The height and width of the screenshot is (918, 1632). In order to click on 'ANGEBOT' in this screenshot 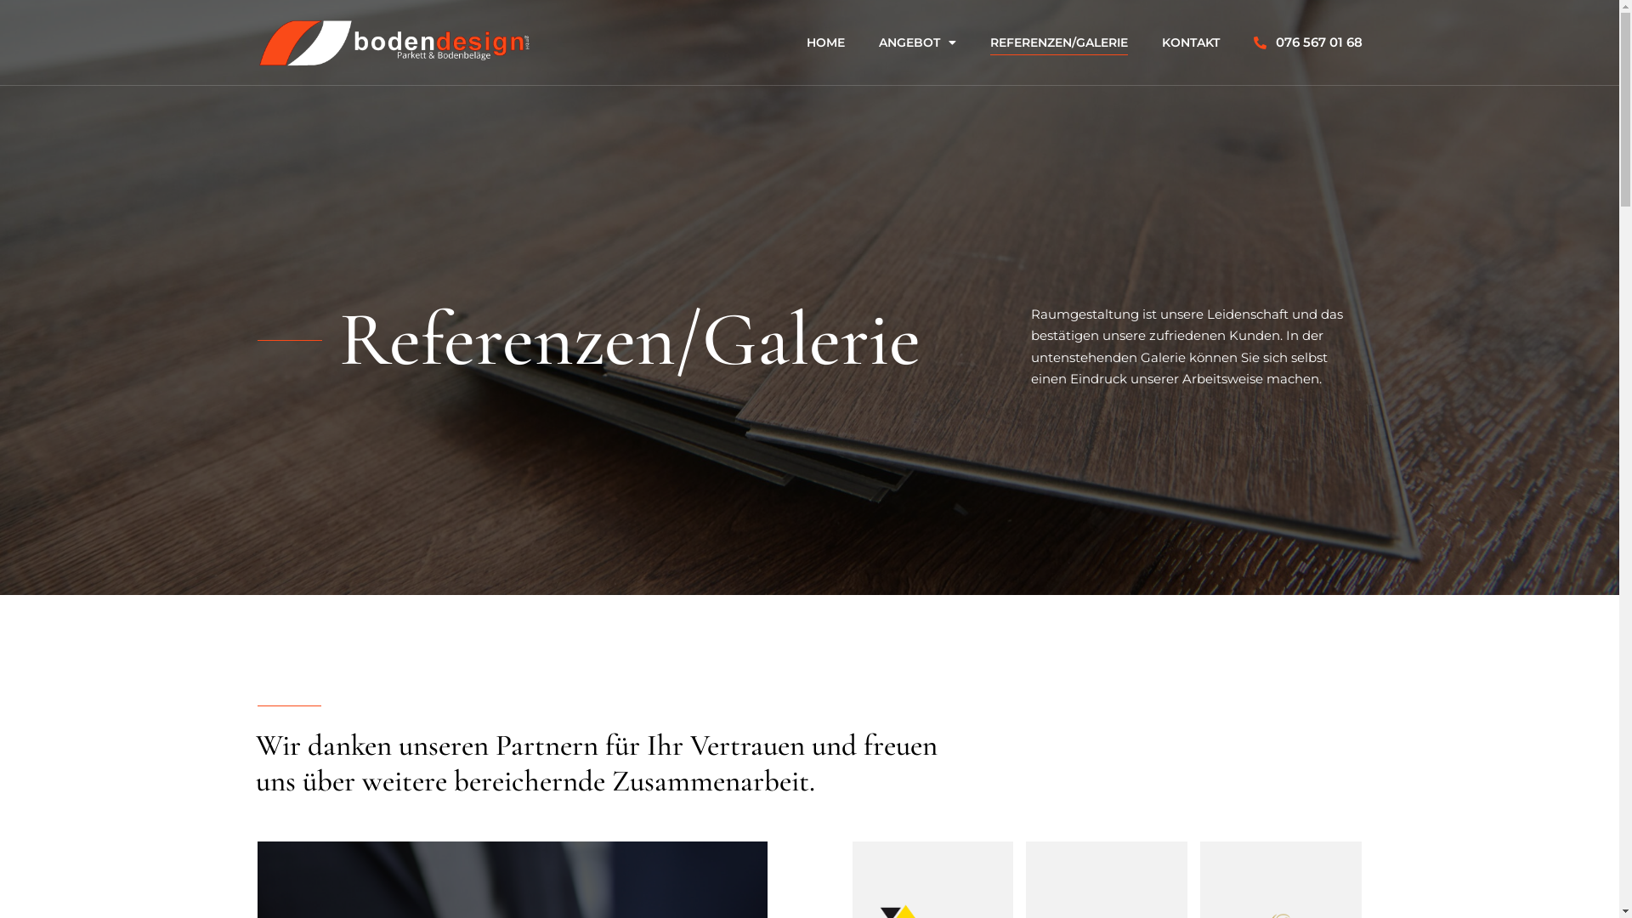, I will do `click(916, 42)`.